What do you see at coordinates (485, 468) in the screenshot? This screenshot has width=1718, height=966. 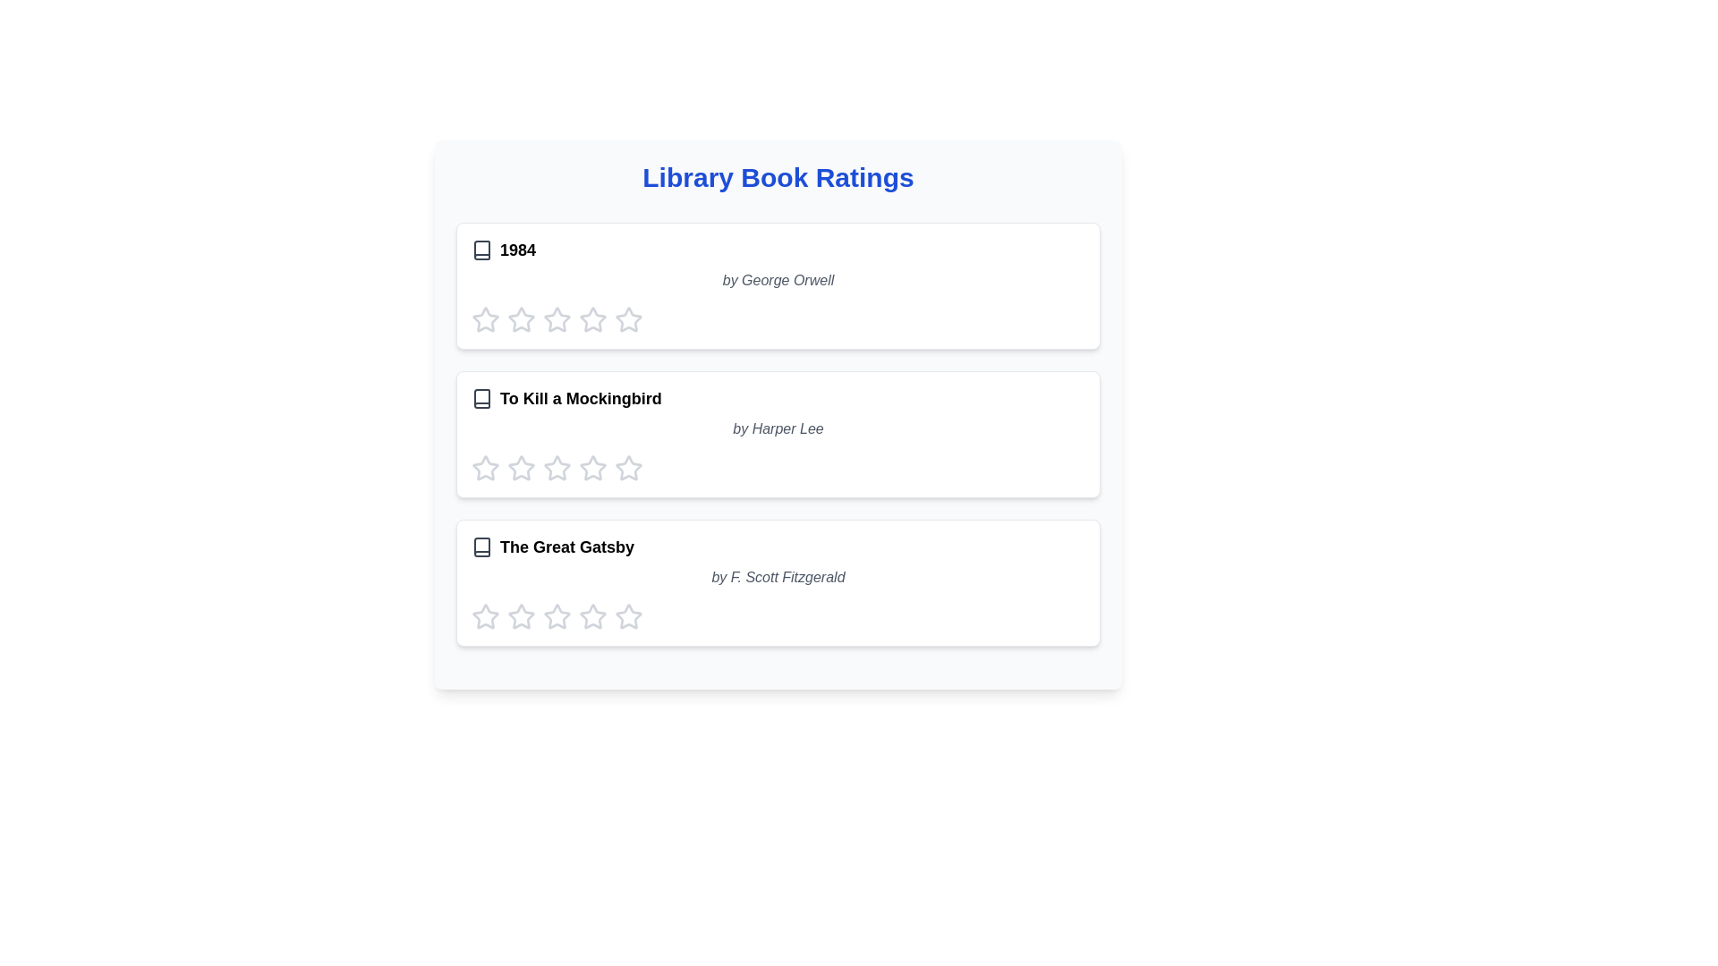 I see `the first star-shaped button to rate the book 'To Kill a Mockingbird' with one star` at bounding box center [485, 468].